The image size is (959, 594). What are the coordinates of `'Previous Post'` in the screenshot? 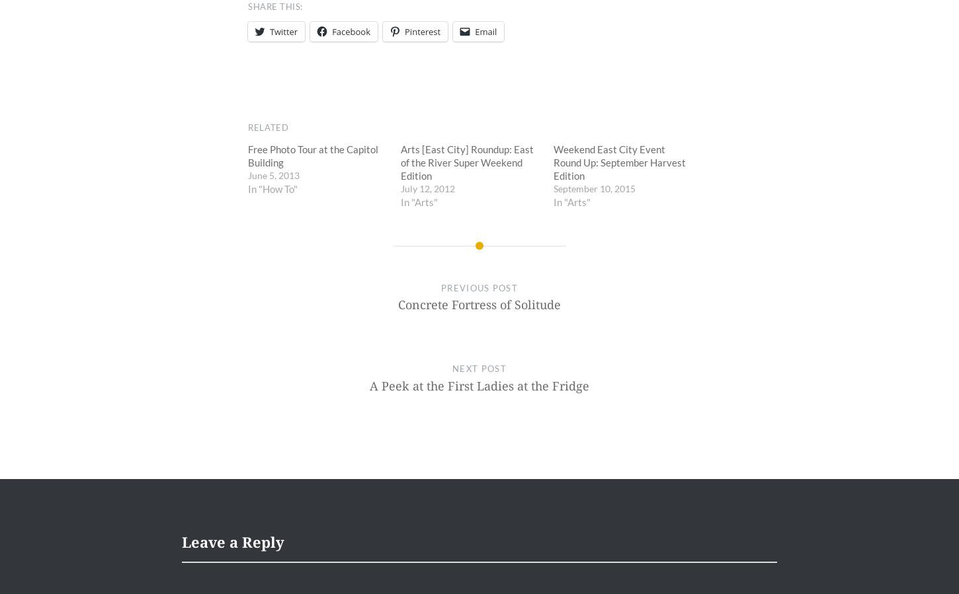 It's located at (478, 287).